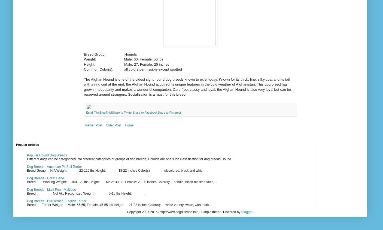 This screenshot has width=383, height=230. Describe the element at coordinates (123, 59) in the screenshot. I see `'Weight:                            Male: 60; Female: 50 lbs'` at that location.